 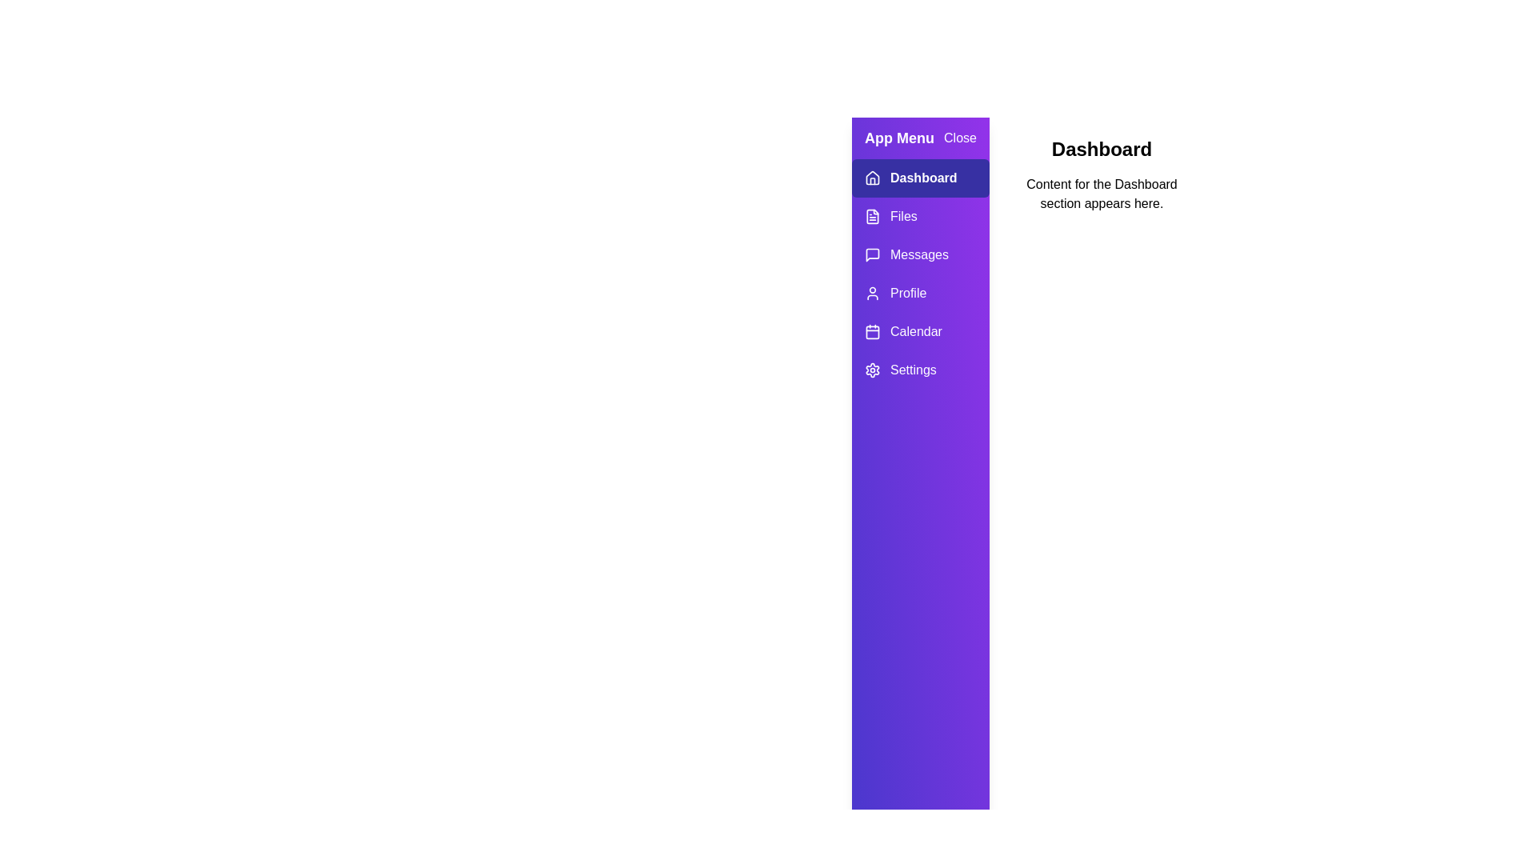 I want to click on the Profile tab in the menu, so click(x=920, y=293).